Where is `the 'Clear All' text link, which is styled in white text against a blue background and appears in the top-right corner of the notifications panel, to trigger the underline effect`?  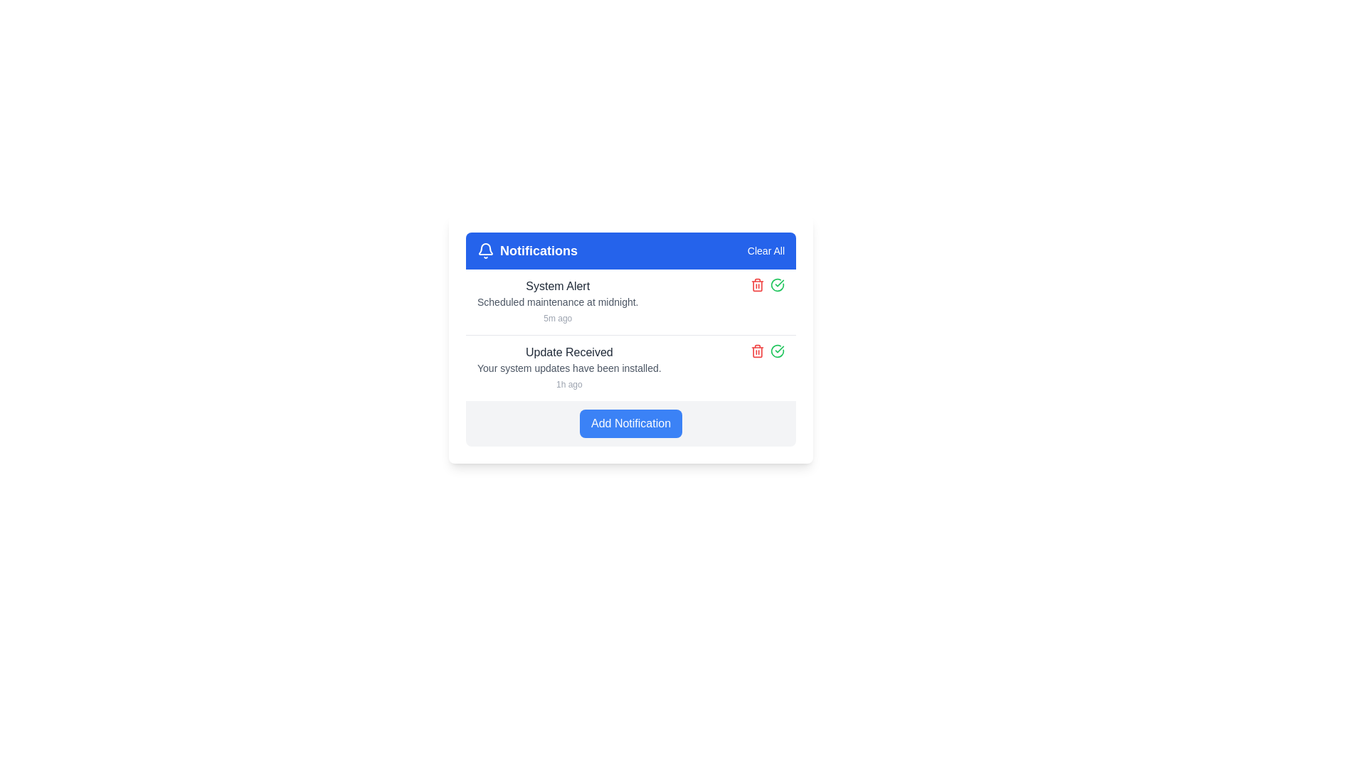 the 'Clear All' text link, which is styled in white text against a blue background and appears in the top-right corner of the notifications panel, to trigger the underline effect is located at coordinates (765, 250).